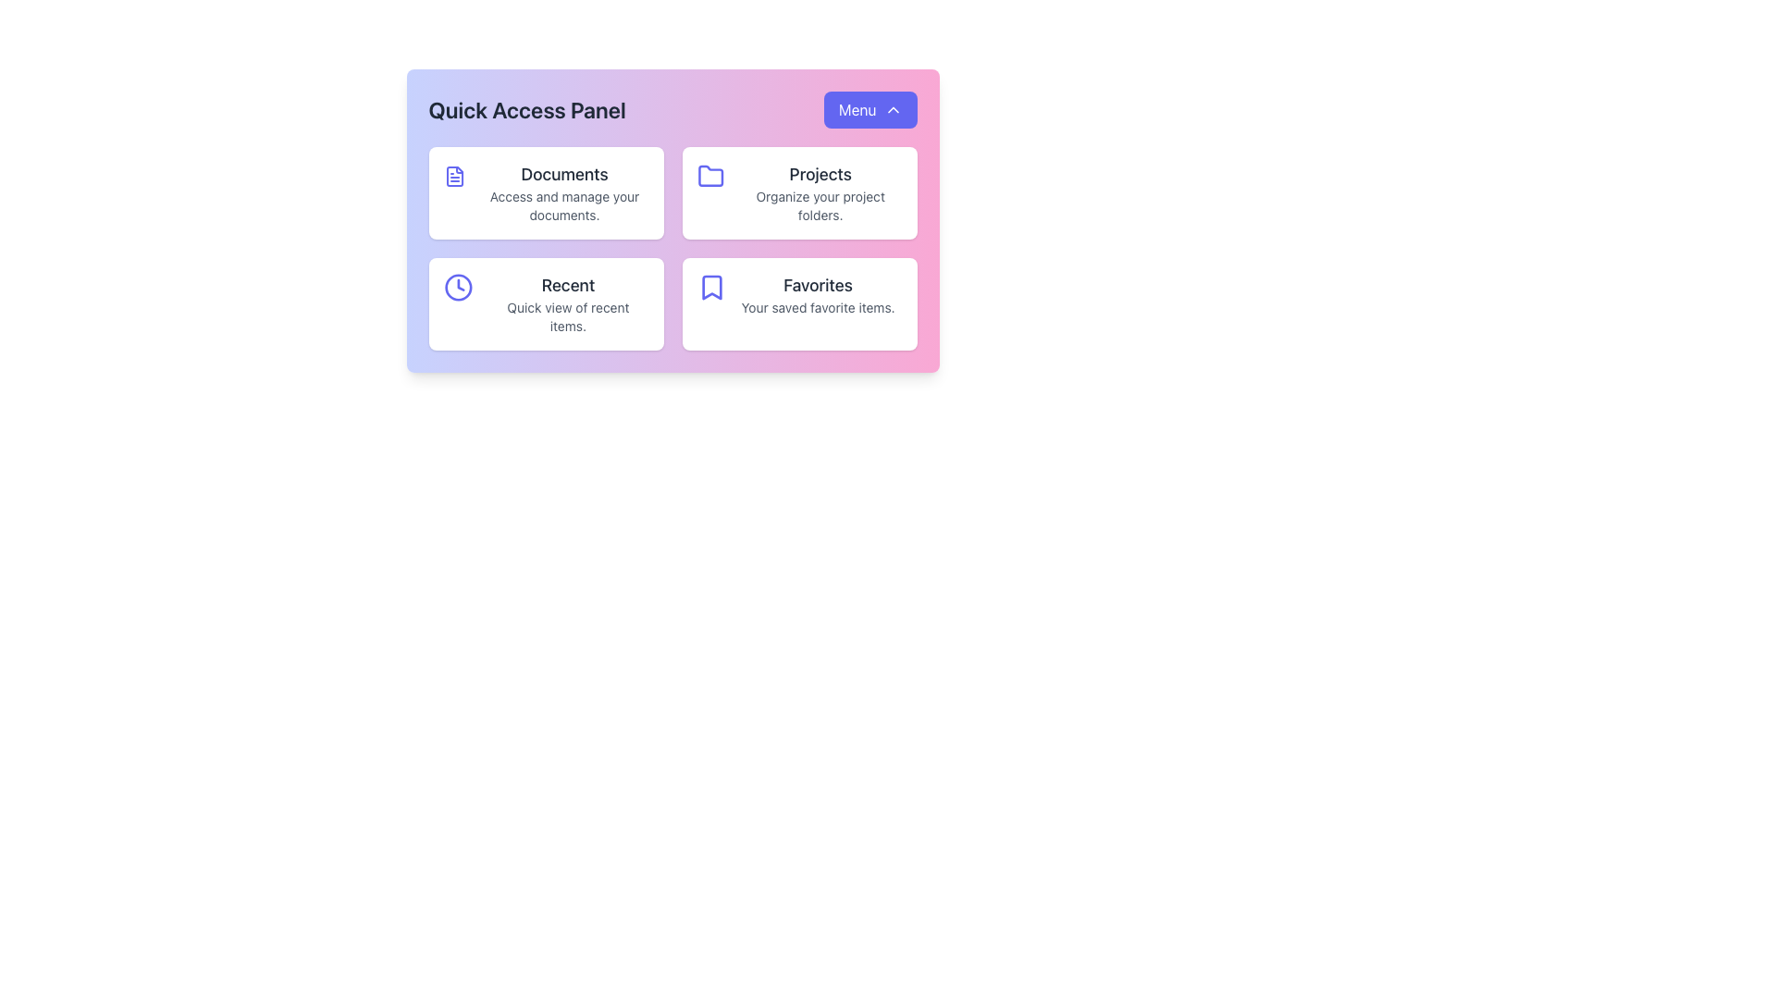 Image resolution: width=1776 pixels, height=999 pixels. Describe the element at coordinates (454, 177) in the screenshot. I see `the leftmost subcomponent of the document-shaped icon in the Quick Access Panel, located at the top-left area above the 'Recent' entry` at that location.